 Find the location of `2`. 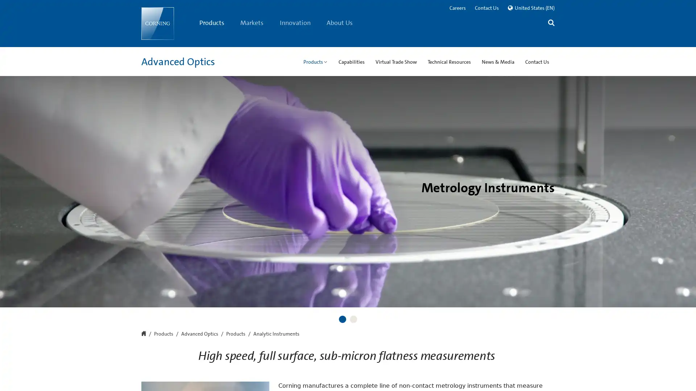

2 is located at coordinates (353, 319).